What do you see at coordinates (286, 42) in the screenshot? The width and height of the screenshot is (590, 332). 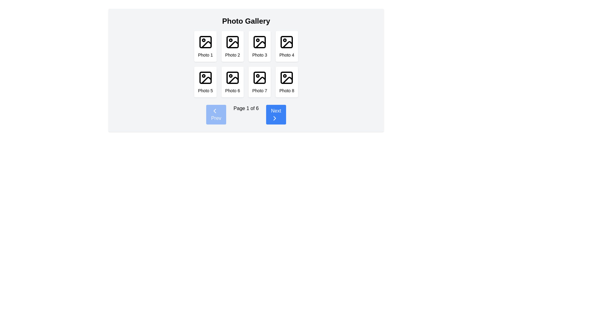 I see `the decorative icon for the 'Photo 4' gallery entry located in the fourth position of the grid layout` at bounding box center [286, 42].